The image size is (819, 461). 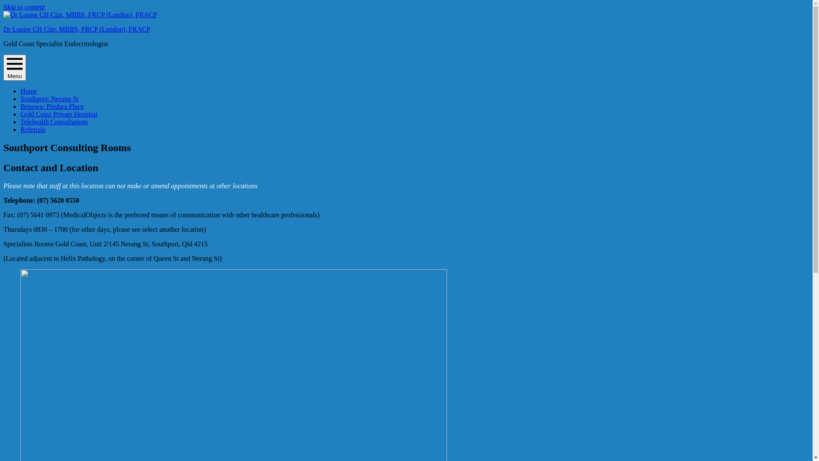 What do you see at coordinates (53, 122) in the screenshot?
I see `'Telehealth Consultations'` at bounding box center [53, 122].